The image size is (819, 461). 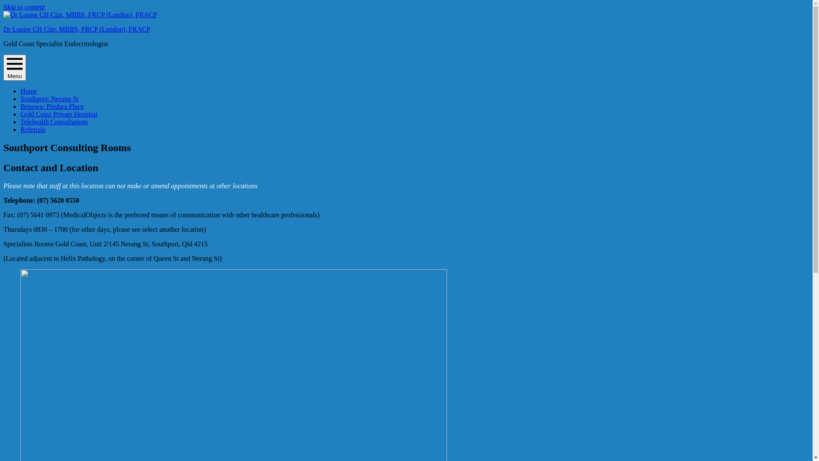 What do you see at coordinates (53, 122) in the screenshot?
I see `'Telehealth Consultations'` at bounding box center [53, 122].